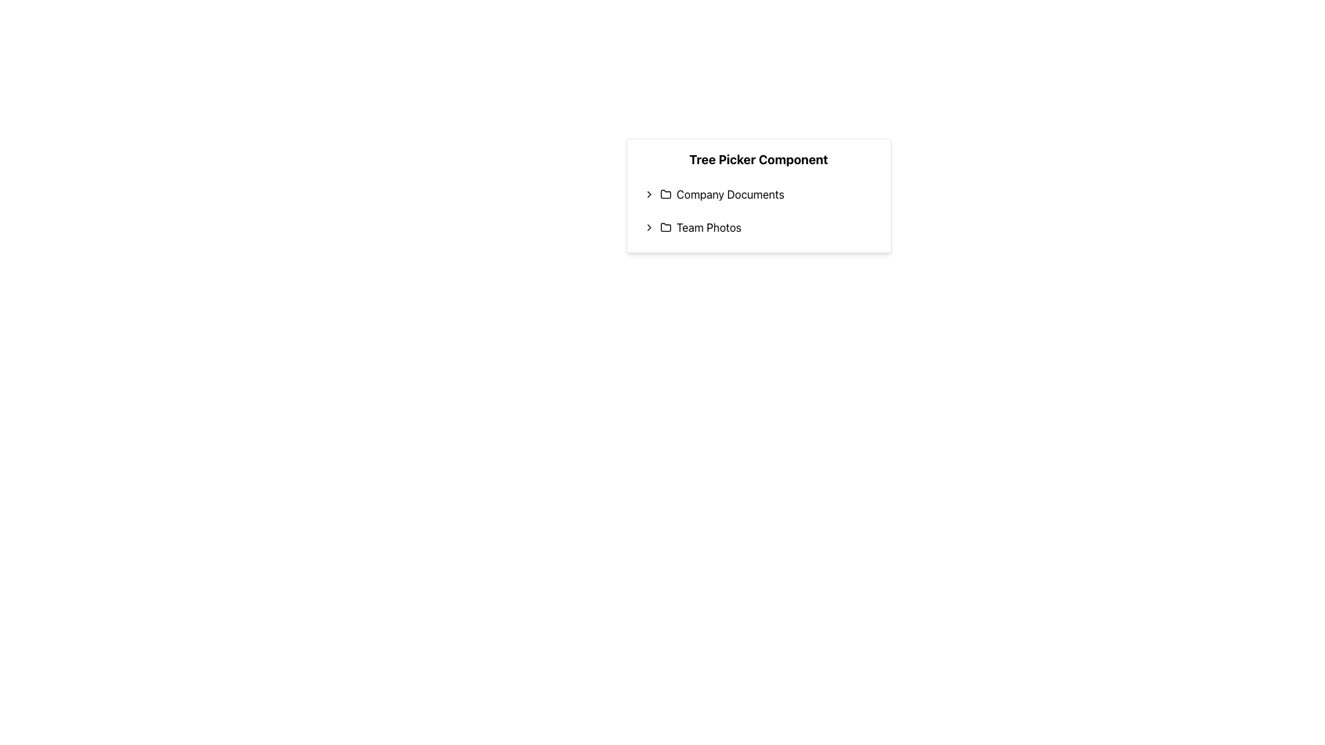 The height and width of the screenshot is (745, 1325). What do you see at coordinates (665, 227) in the screenshot?
I see `the second icon in the Tree Picker Component menu that denotes 'Team Photos'` at bounding box center [665, 227].